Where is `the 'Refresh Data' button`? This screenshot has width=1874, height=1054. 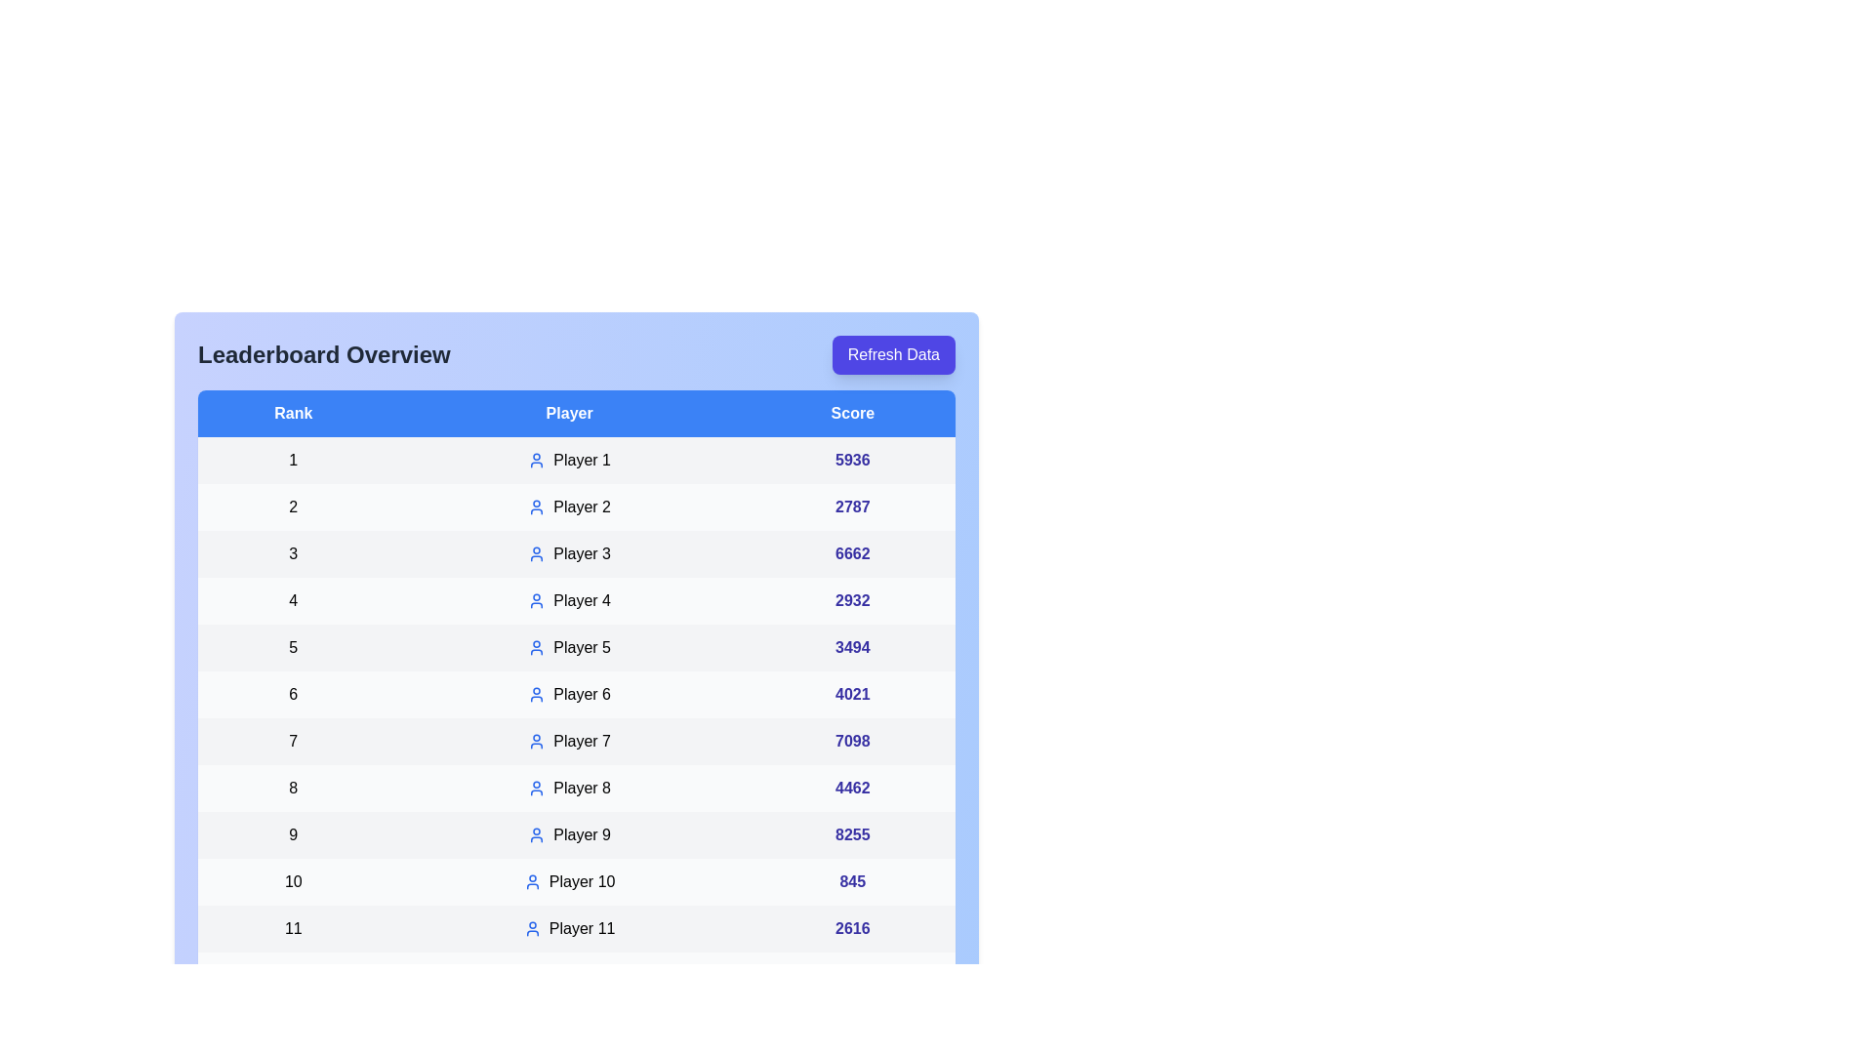 the 'Refresh Data' button is located at coordinates (892, 354).